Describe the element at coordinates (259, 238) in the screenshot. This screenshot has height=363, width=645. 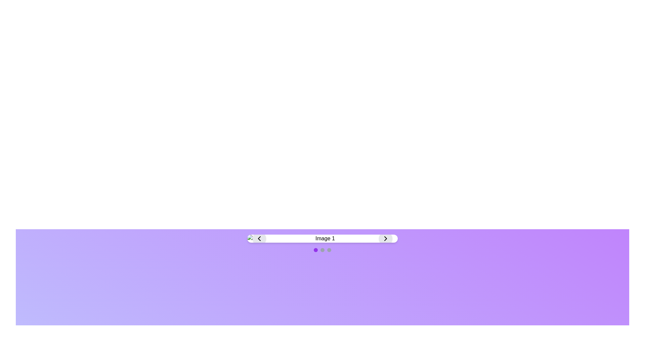
I see `the left-pointing chevron icon within the SVG located at the bottom center of the interface for interaction feedback` at that location.